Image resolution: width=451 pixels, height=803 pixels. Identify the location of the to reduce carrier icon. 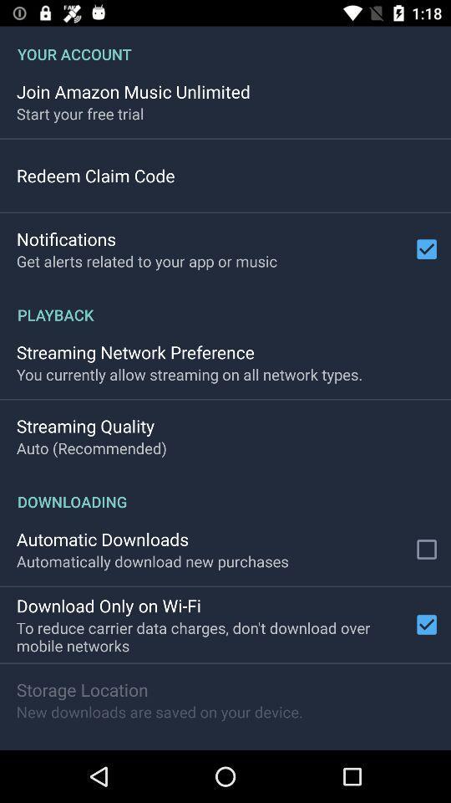
(211, 636).